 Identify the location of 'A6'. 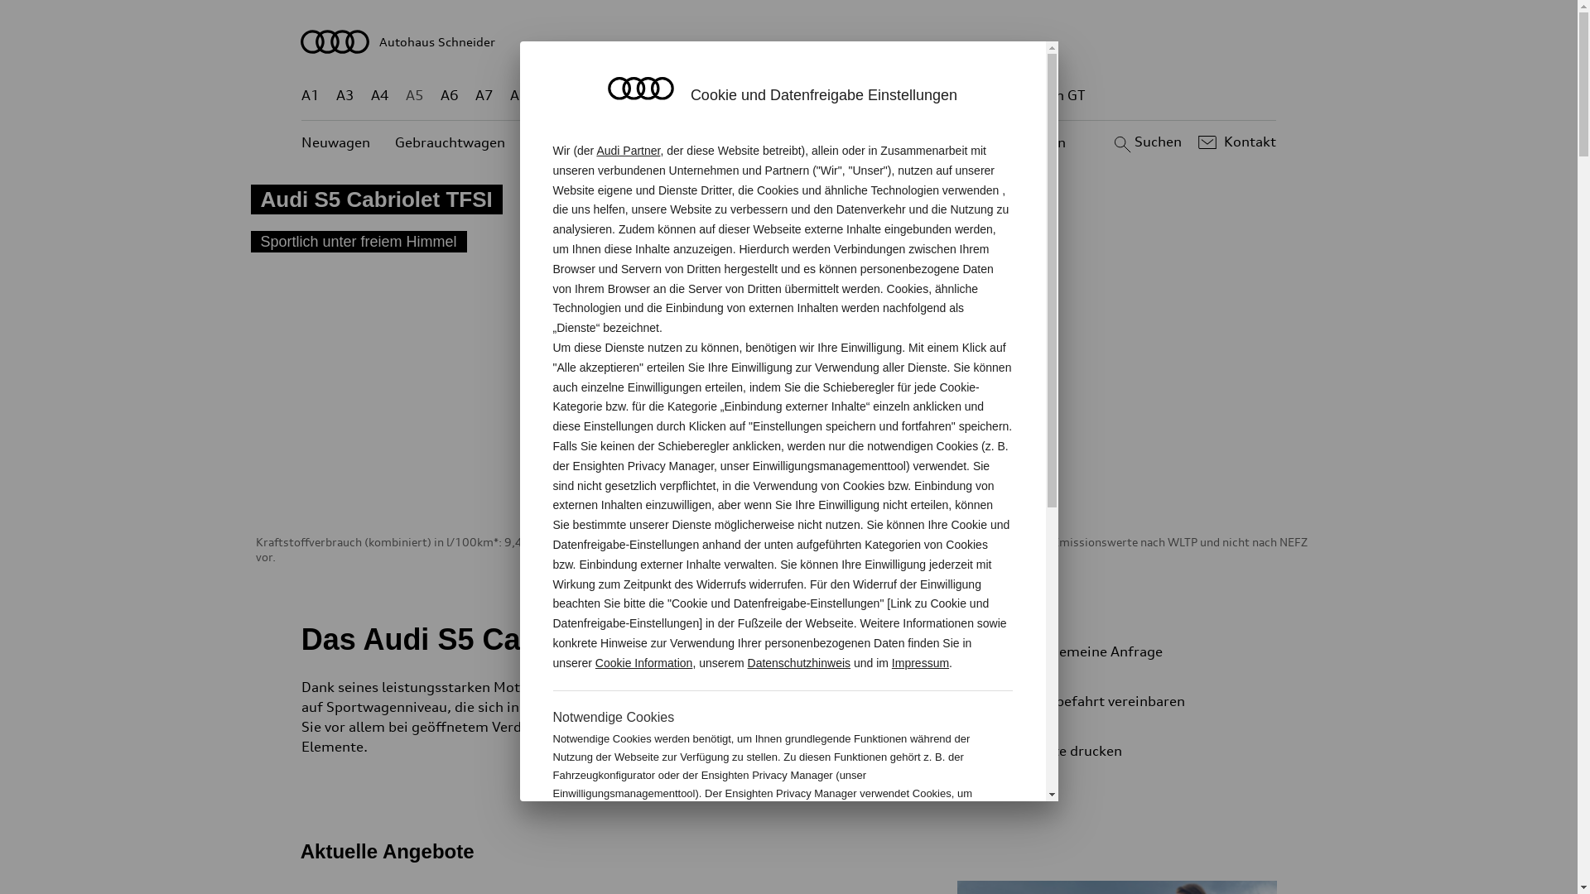
(449, 95).